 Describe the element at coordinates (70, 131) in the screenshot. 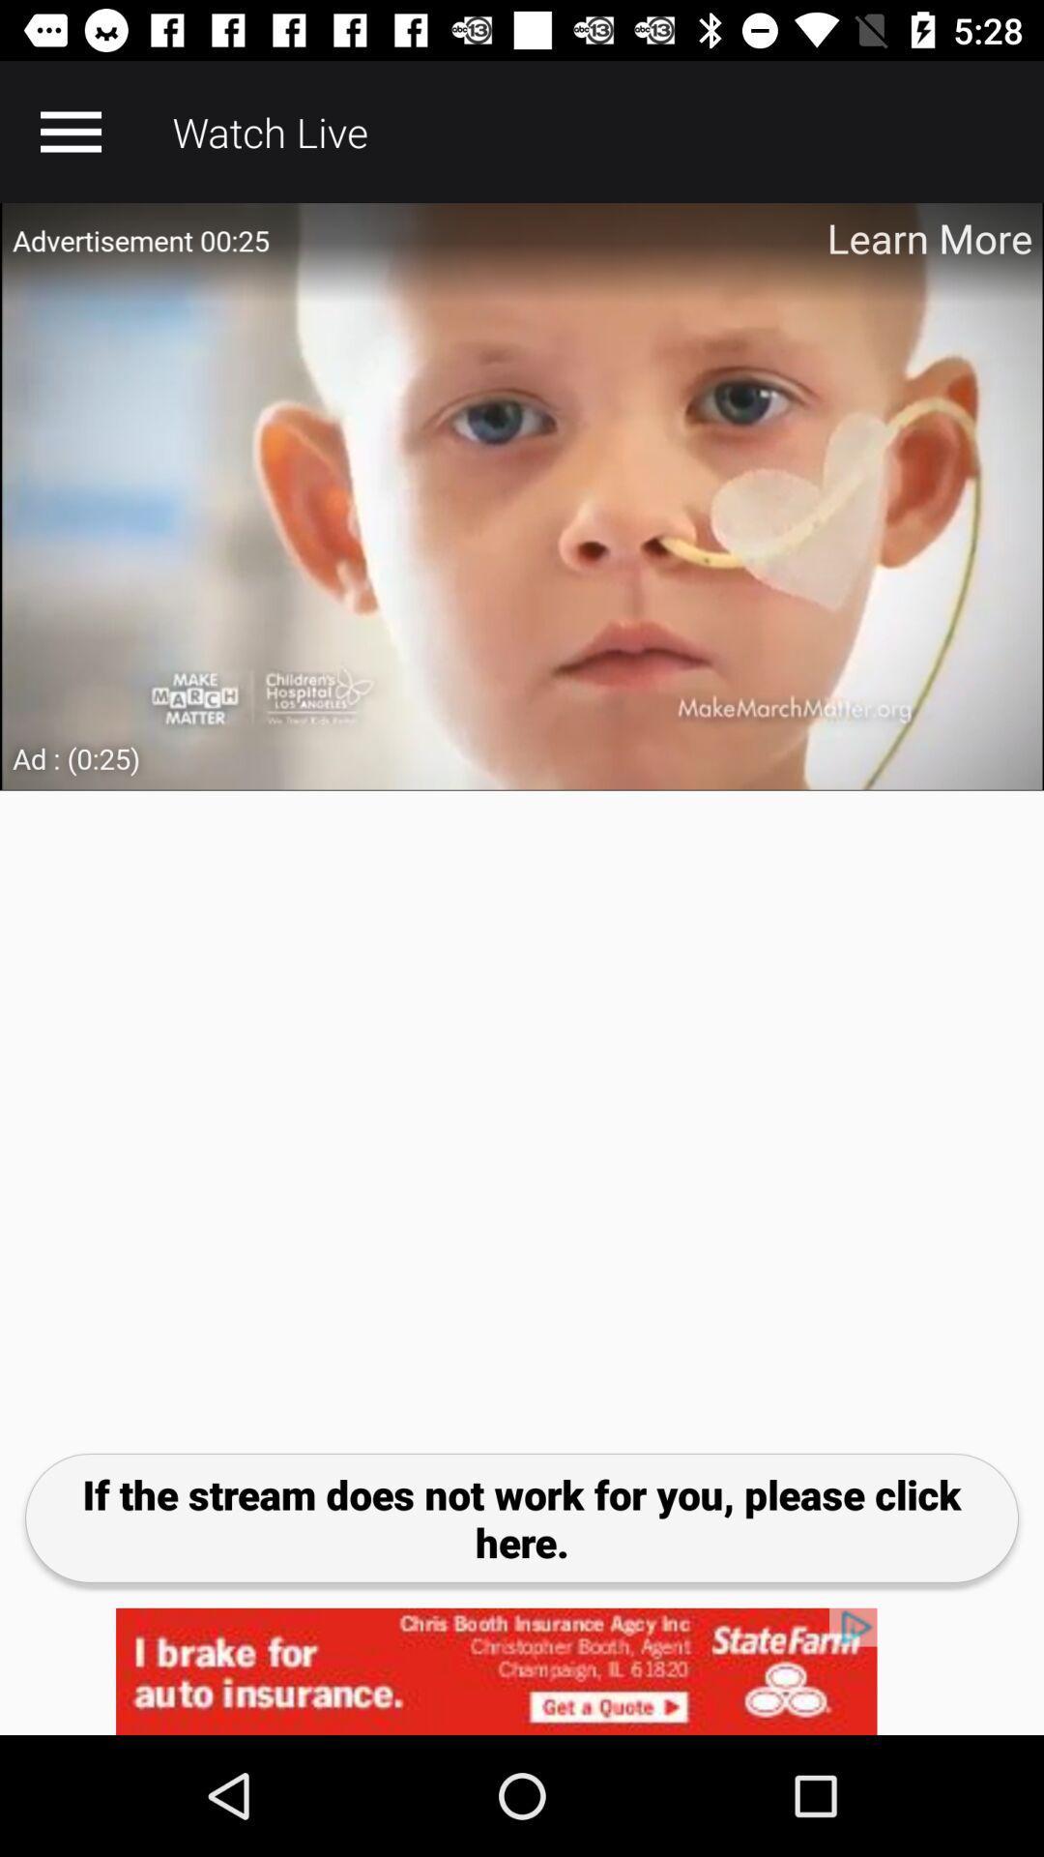

I see `open menu option` at that location.